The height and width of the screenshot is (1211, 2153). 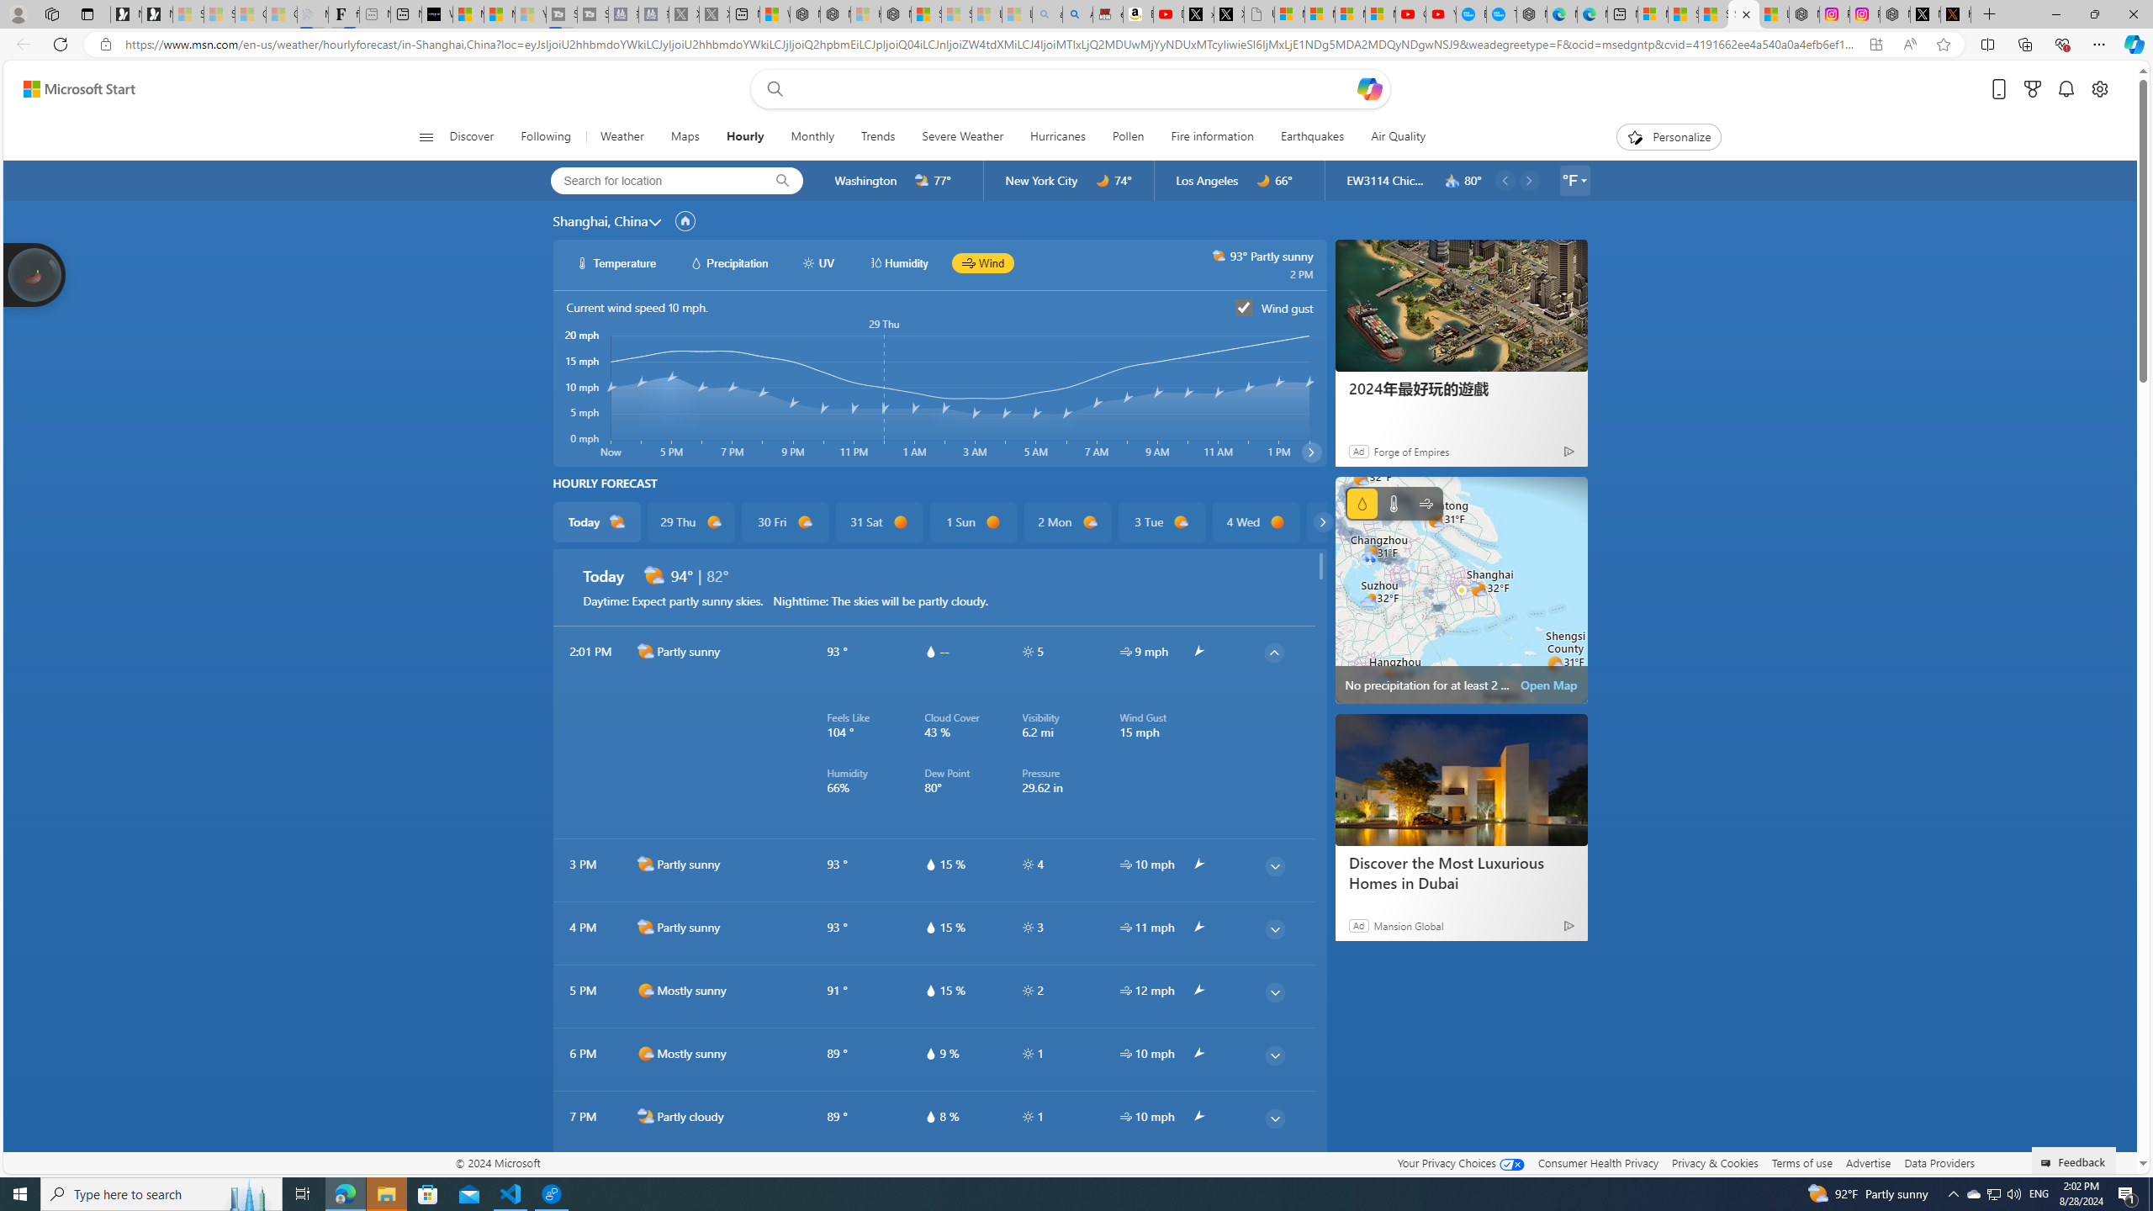 What do you see at coordinates (1669, 136) in the screenshot?
I see `'Personalize'` at bounding box center [1669, 136].